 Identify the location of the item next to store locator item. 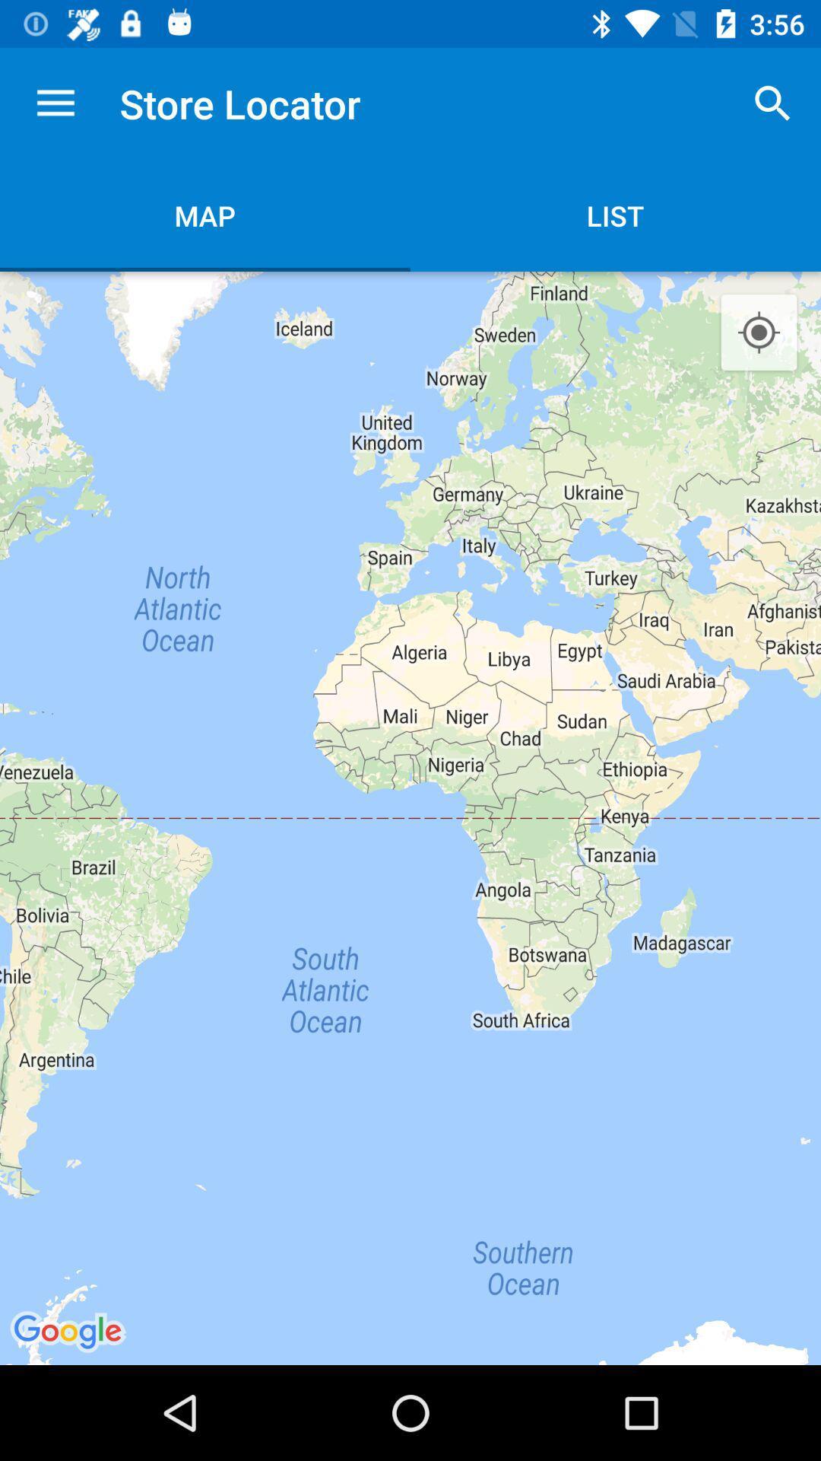
(55, 103).